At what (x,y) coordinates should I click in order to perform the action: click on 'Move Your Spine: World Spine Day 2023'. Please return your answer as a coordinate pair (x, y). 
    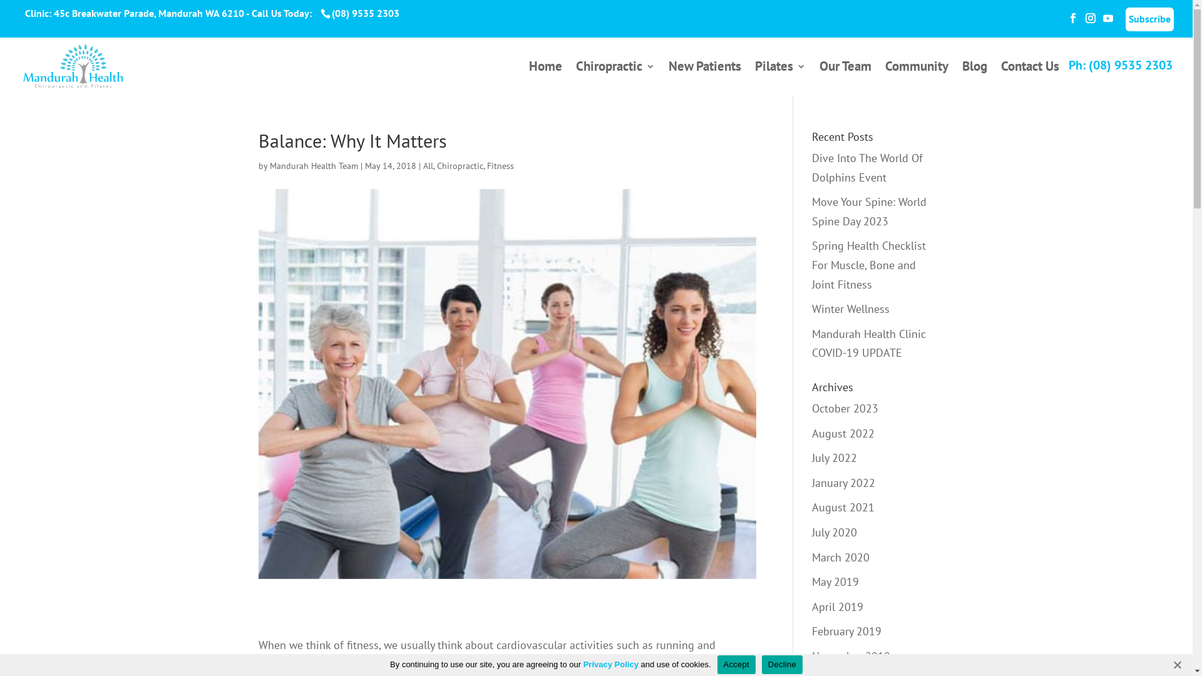
    Looking at the image, I should click on (868, 211).